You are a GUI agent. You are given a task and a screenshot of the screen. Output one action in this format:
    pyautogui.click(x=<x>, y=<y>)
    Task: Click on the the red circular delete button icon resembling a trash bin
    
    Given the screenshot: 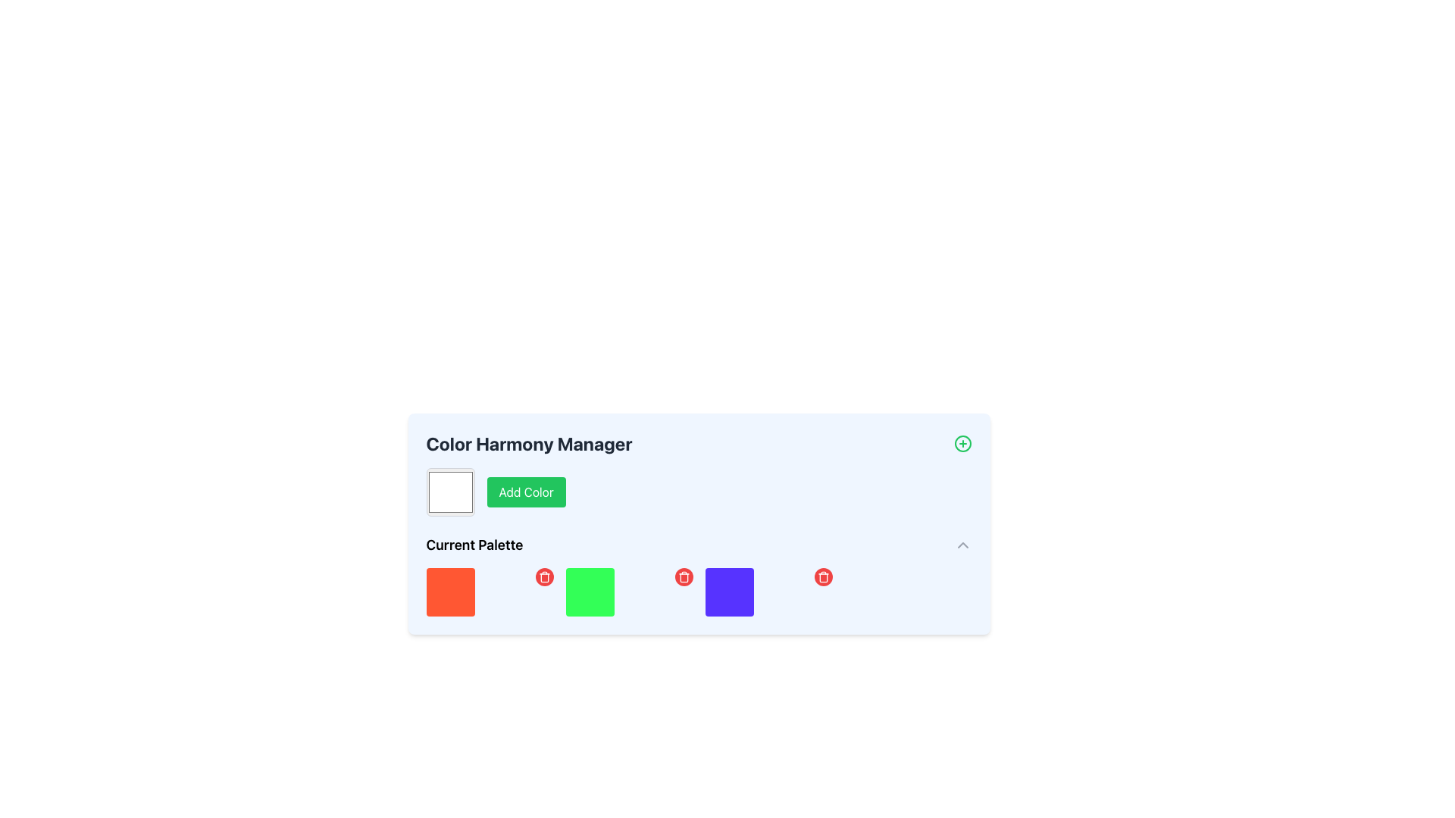 What is the action you would take?
    pyautogui.click(x=822, y=577)
    